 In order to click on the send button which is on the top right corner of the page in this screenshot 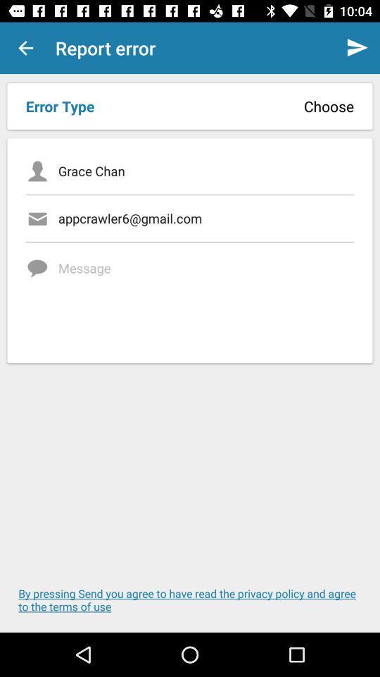, I will do `click(357, 48)`.